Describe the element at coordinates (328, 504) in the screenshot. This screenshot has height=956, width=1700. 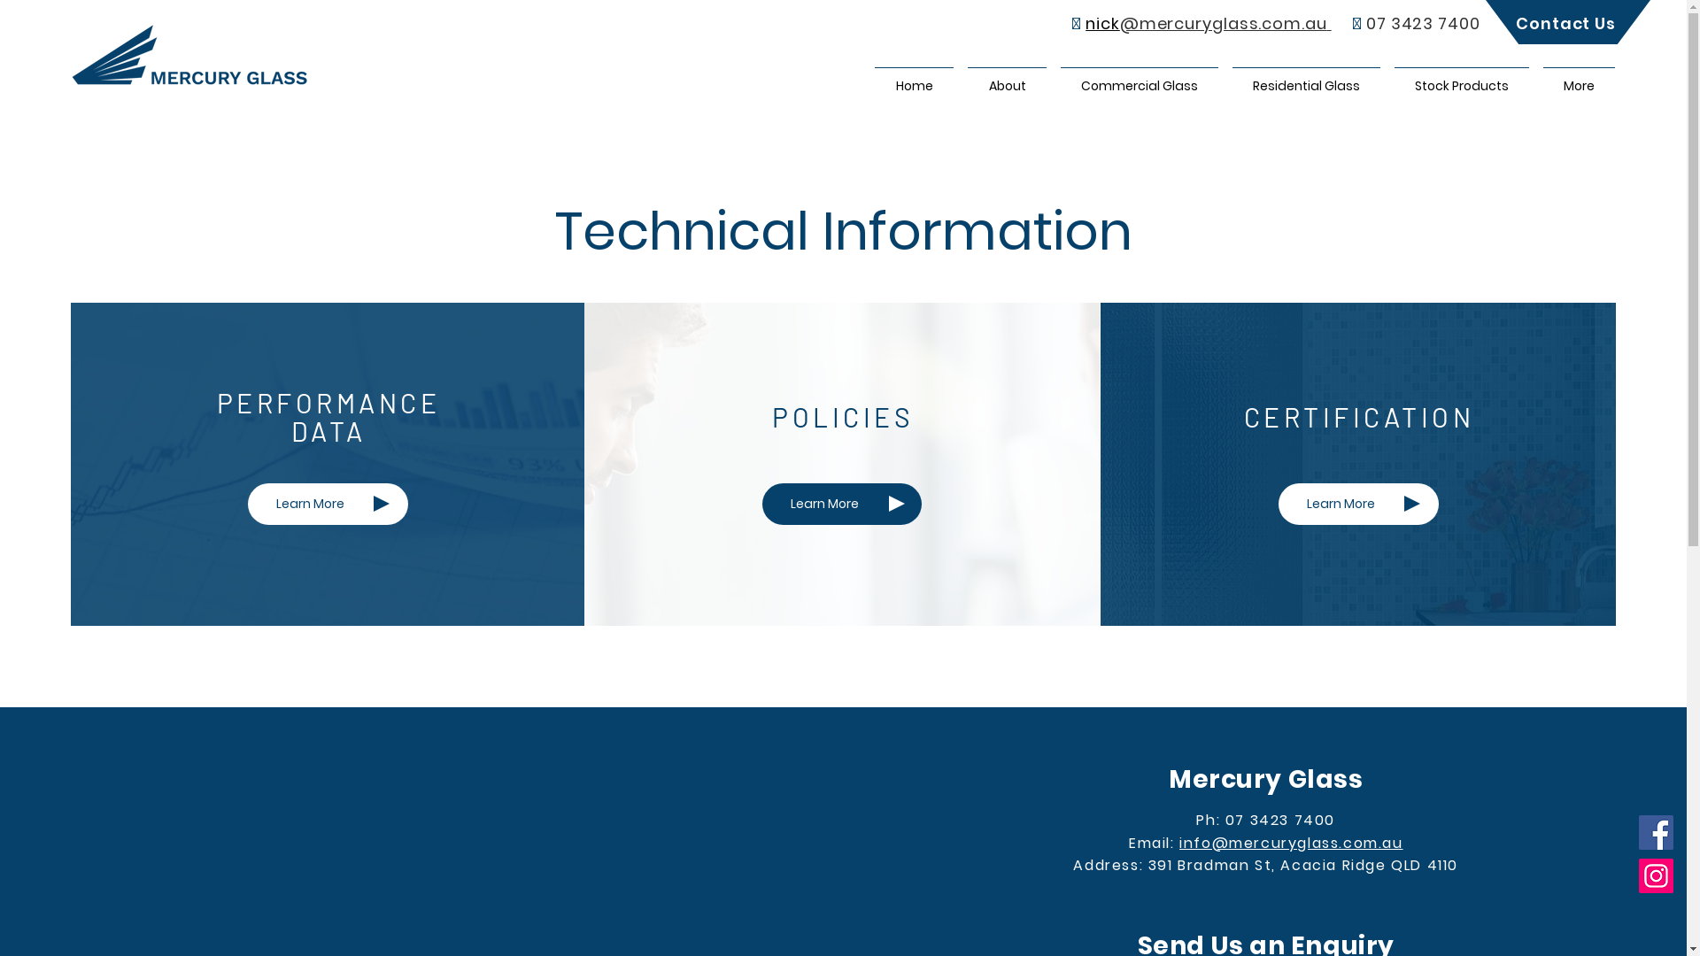
I see `'Learn More'` at that location.